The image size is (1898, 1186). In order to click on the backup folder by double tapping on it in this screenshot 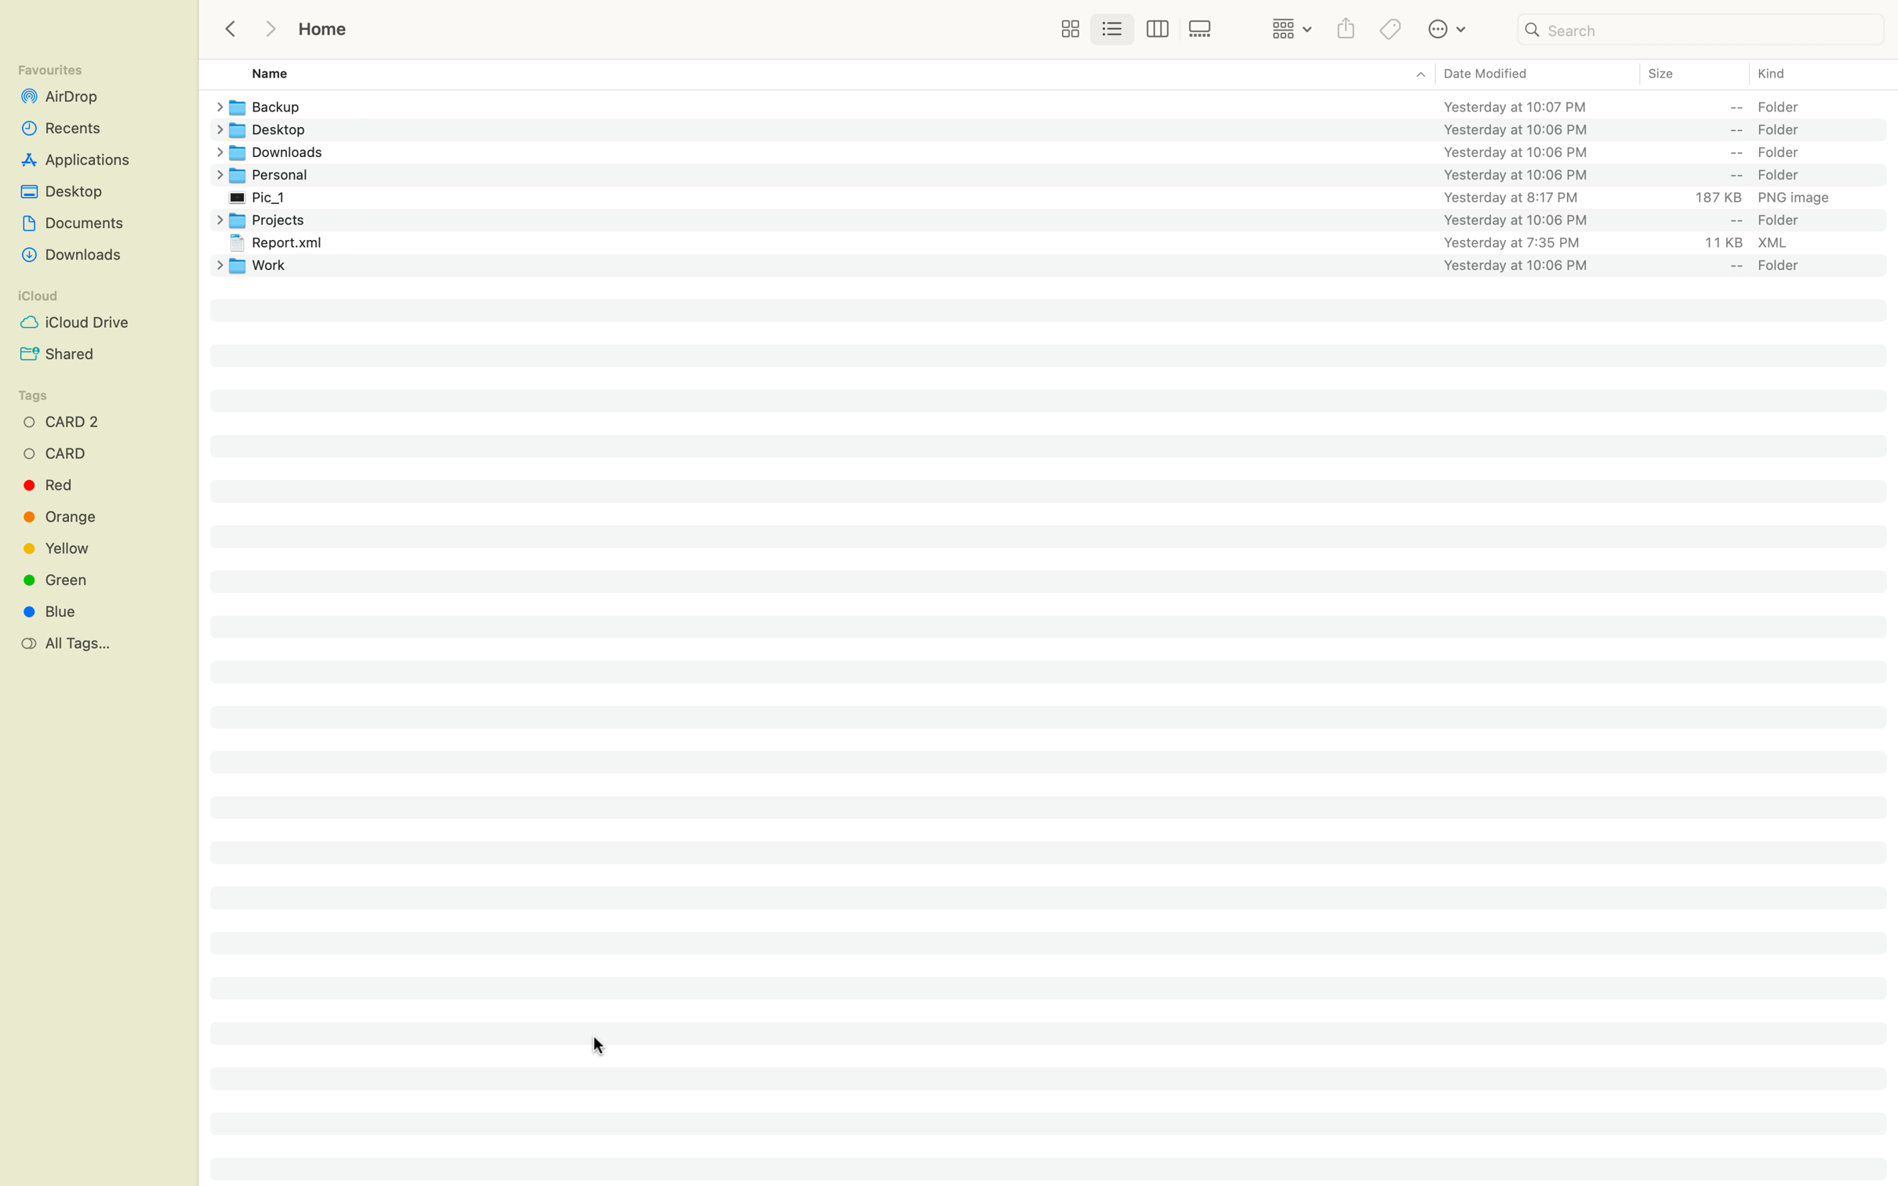, I will do `click(1063, 104)`.